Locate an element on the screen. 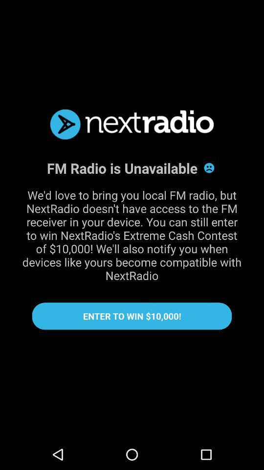 Image resolution: width=264 pixels, height=470 pixels. the item at the top is located at coordinates (132, 124).